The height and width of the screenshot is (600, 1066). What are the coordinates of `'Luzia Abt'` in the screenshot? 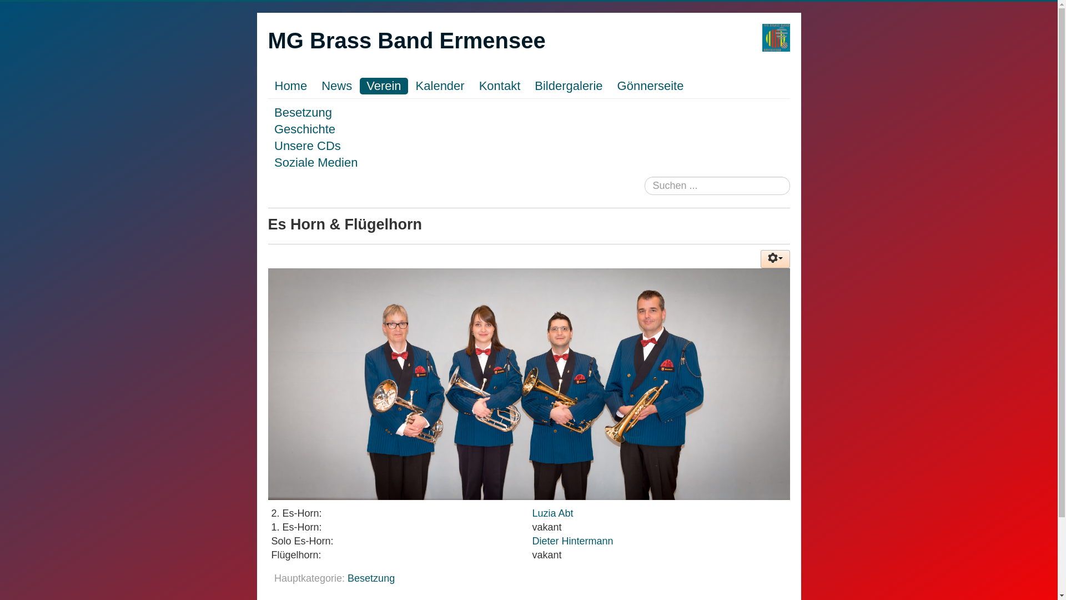 It's located at (552, 513).